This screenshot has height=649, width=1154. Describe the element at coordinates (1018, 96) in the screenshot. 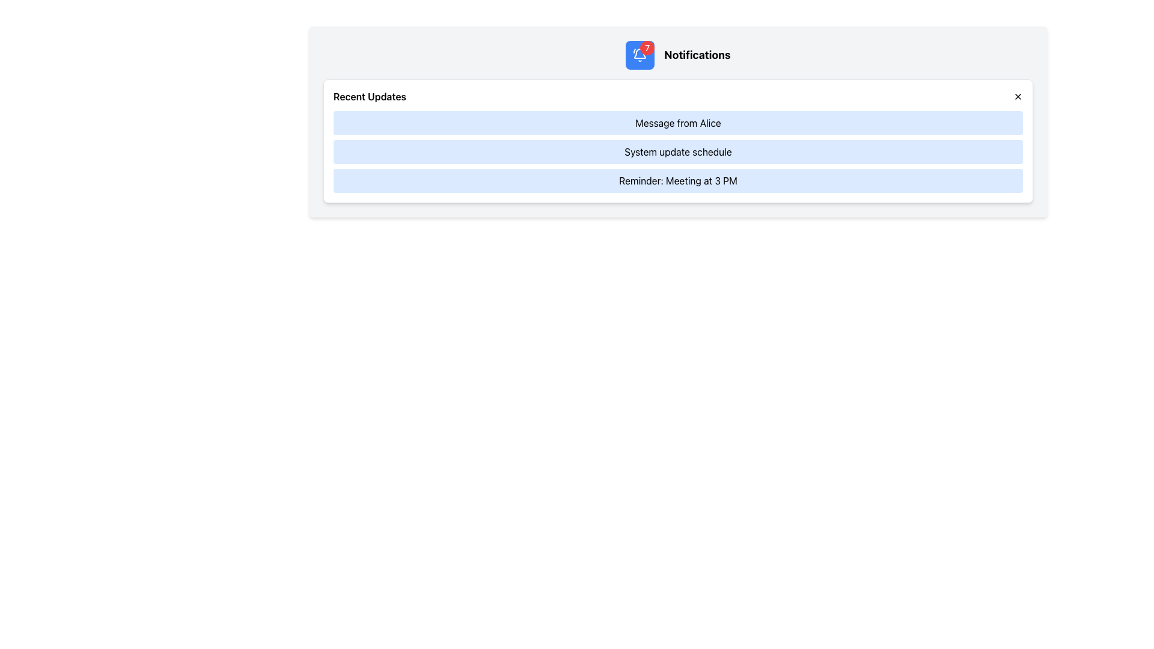

I see `the dismiss button represented by an 'X' icon located at the top-right corner of the 'Recent Updates' section` at that location.